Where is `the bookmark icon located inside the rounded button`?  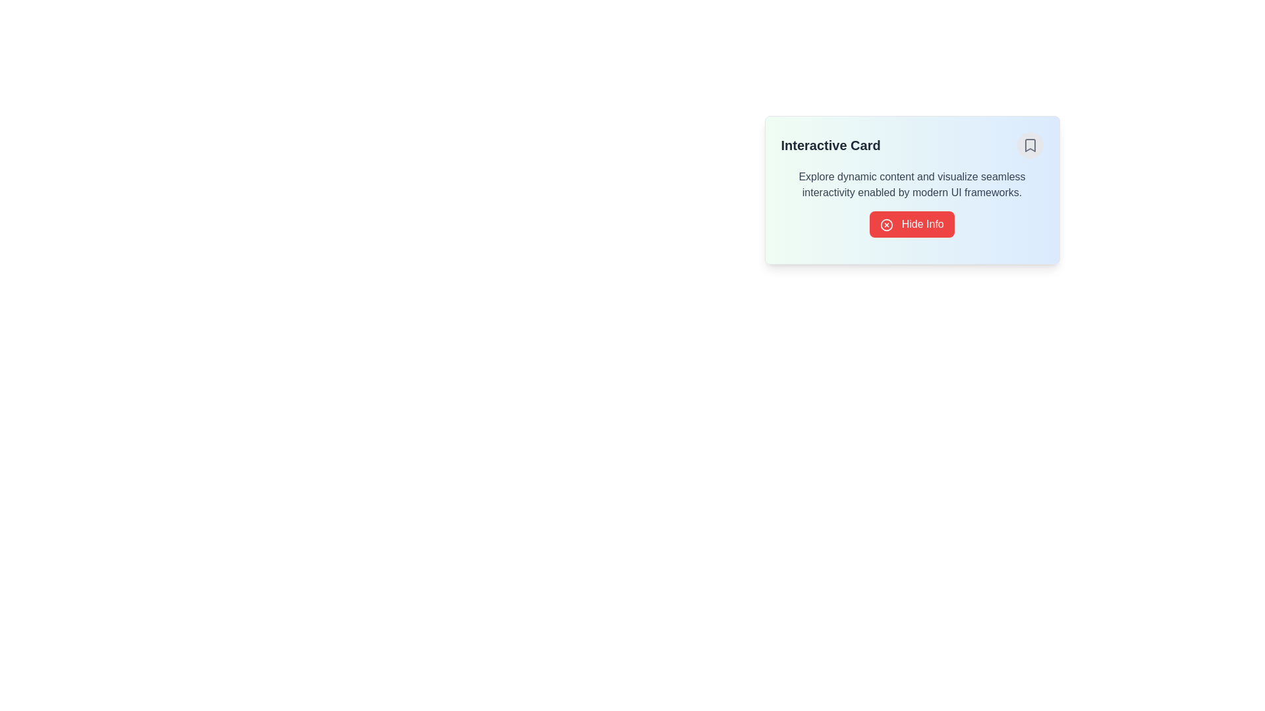 the bookmark icon located inside the rounded button is located at coordinates (1029, 145).